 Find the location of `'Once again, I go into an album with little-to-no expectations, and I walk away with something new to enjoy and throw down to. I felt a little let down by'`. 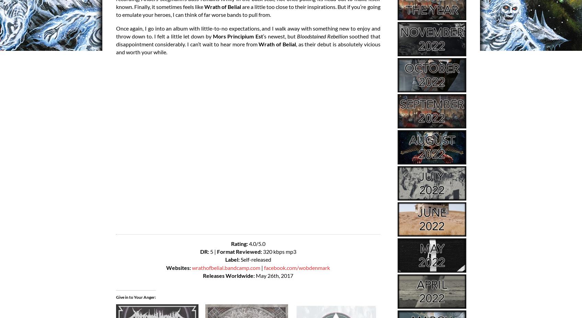

'Once again, I go into an album with little-to-no expectations, and I walk away with something new to enjoy and throw down to. I felt a little let down by' is located at coordinates (115, 32).